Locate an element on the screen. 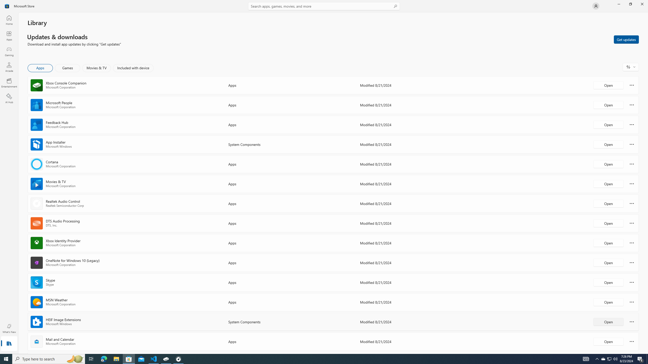 The image size is (648, 364). 'User profile' is located at coordinates (595, 6).